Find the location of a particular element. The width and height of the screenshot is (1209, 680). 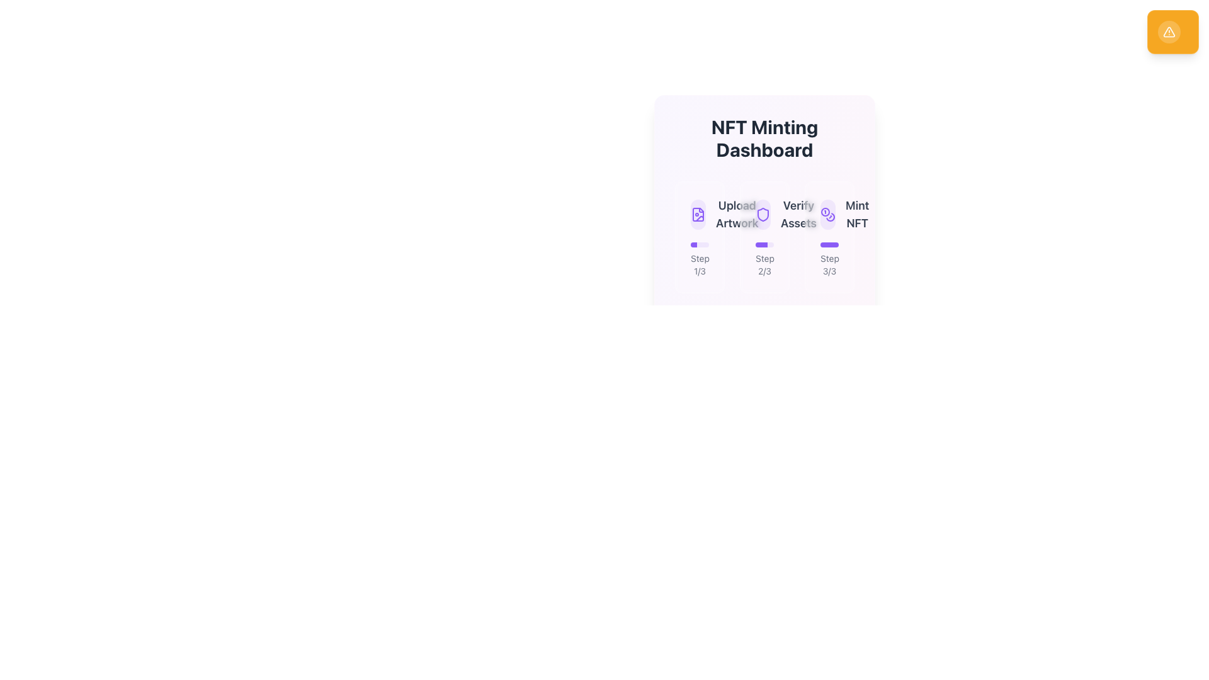

the 'Step 2/3' text label, which is styled in gray and positioned beneath the progress indicator bar in the 'Verify Assets' section of the three-step navigation layout is located at coordinates (764, 264).